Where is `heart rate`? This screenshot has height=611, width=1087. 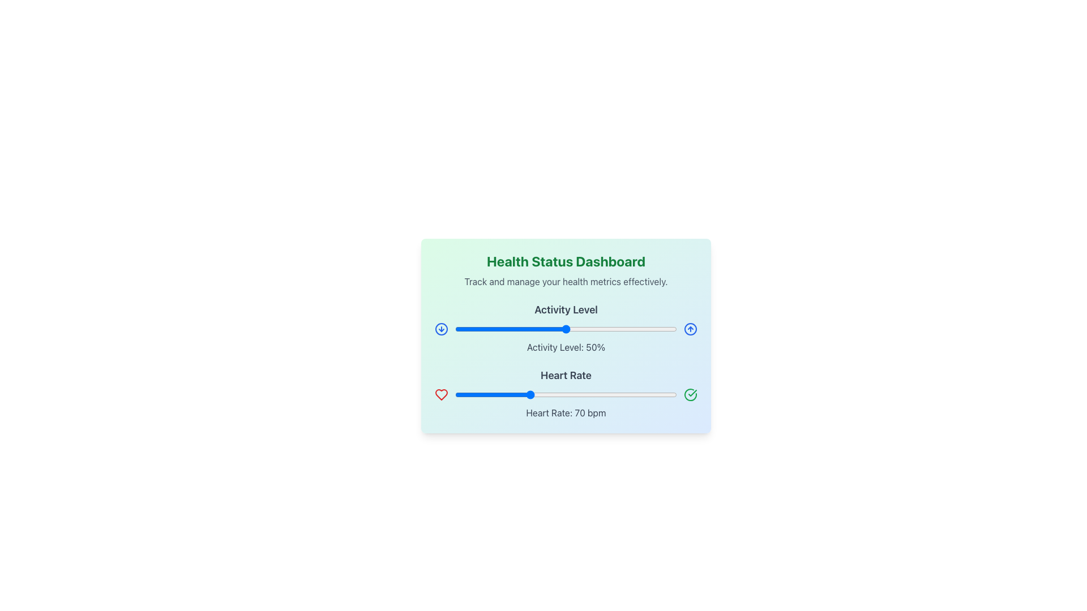 heart rate is located at coordinates (510, 394).